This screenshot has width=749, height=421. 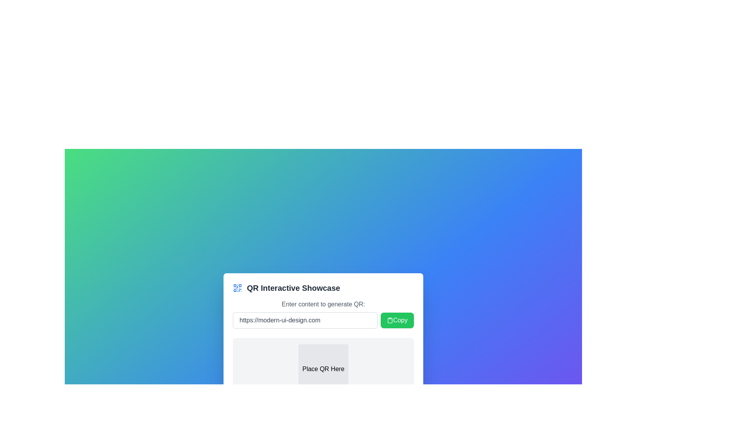 What do you see at coordinates (390, 320) in the screenshot?
I see `the 'Copy' button containing the clipboard icon to initiate the copy action` at bounding box center [390, 320].